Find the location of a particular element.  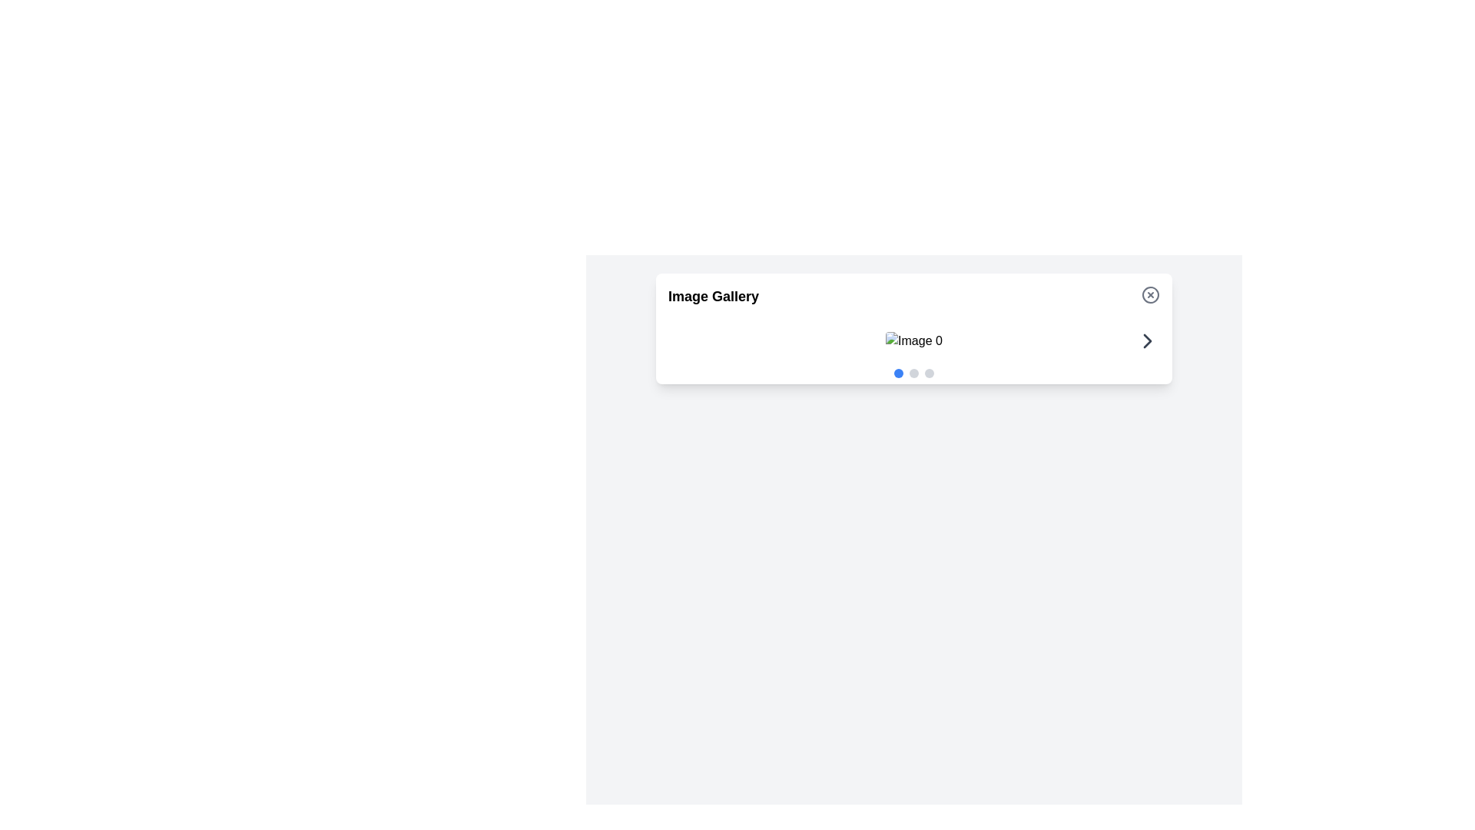

the leftmost blue Indicator Dot, which serves as a page indicator for a carousel is located at coordinates (899, 373).